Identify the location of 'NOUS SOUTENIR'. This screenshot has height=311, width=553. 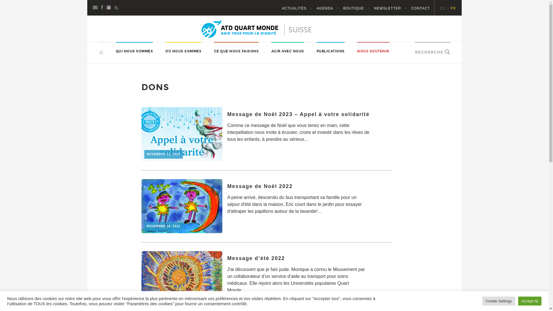
(373, 51).